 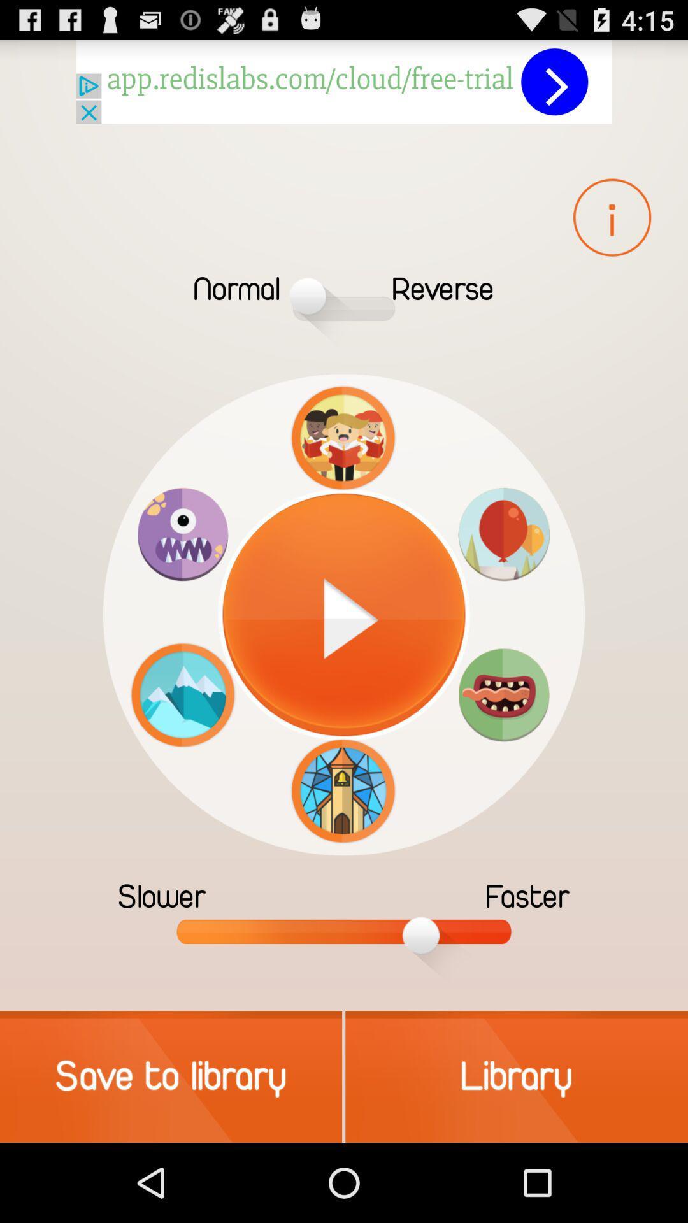 What do you see at coordinates (343, 438) in the screenshot?
I see `the icon above the play icon` at bounding box center [343, 438].